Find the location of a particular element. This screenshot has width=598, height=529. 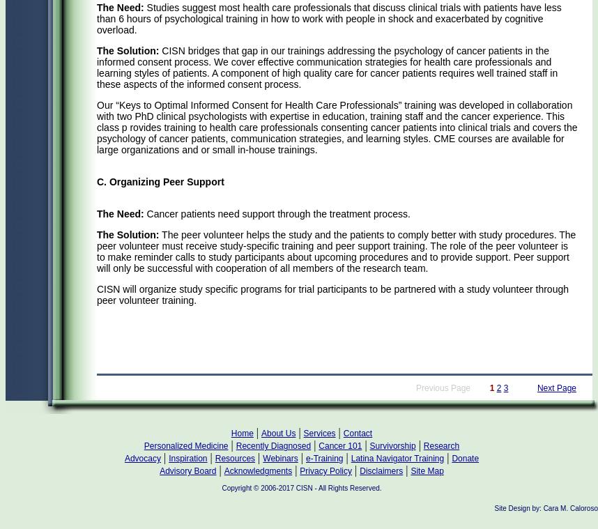

'Our “Keys to Optimal Informed Consent for Health Care Professionals” training was developed in collaboration with two PhD clinical psychologists with expertise in education, training staff and the cancer experience. This class p rovides training to health care professionals consenting cancer patients into clinical trials and covers the psychology of cancer patients, communication strategies, and learning styles. CME courses are available for large organizations and or small in-house trainings.' is located at coordinates (336, 127).